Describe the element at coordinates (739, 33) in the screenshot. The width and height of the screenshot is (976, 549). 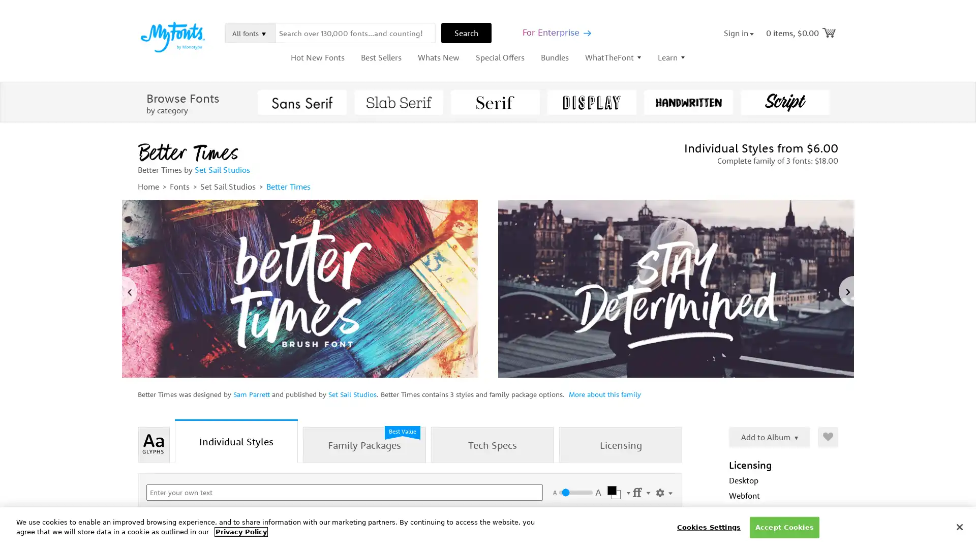
I see `Sign in` at that location.